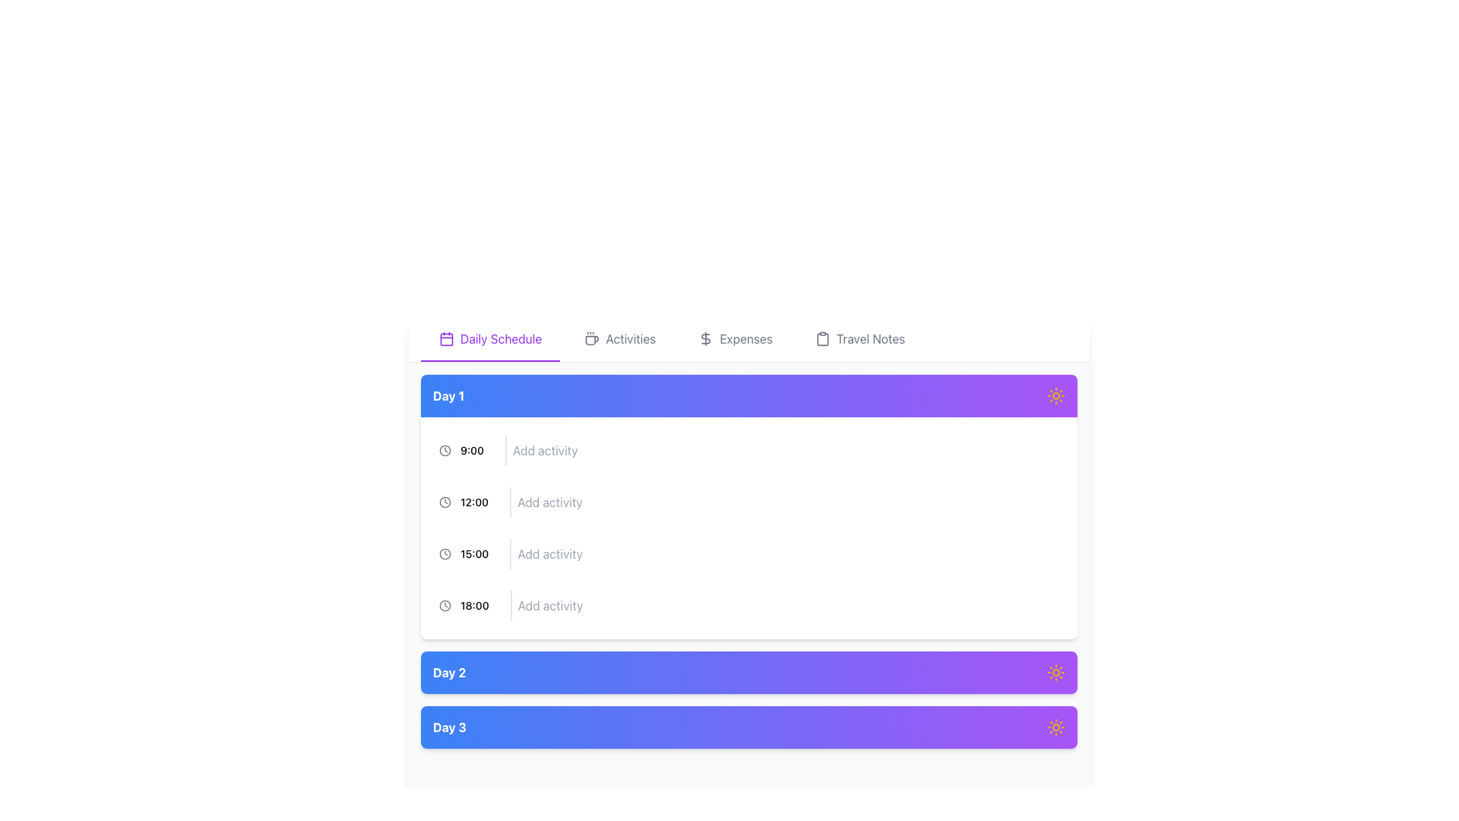 The image size is (1459, 821). I want to click on the text label indicating a specific time in the daily schedule, positioned as the third item in a list between '12:00' and '18:00' in the 'Day 1' section, so click(473, 554).